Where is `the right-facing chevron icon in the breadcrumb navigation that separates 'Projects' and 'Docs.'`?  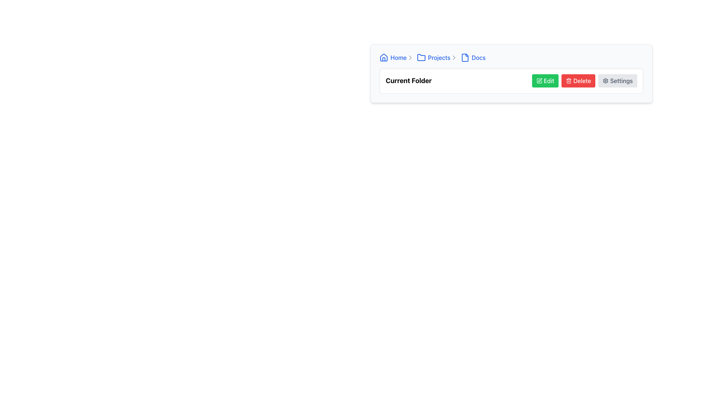
the right-facing chevron icon in the breadcrumb navigation that separates 'Projects' and 'Docs.' is located at coordinates (453, 57).